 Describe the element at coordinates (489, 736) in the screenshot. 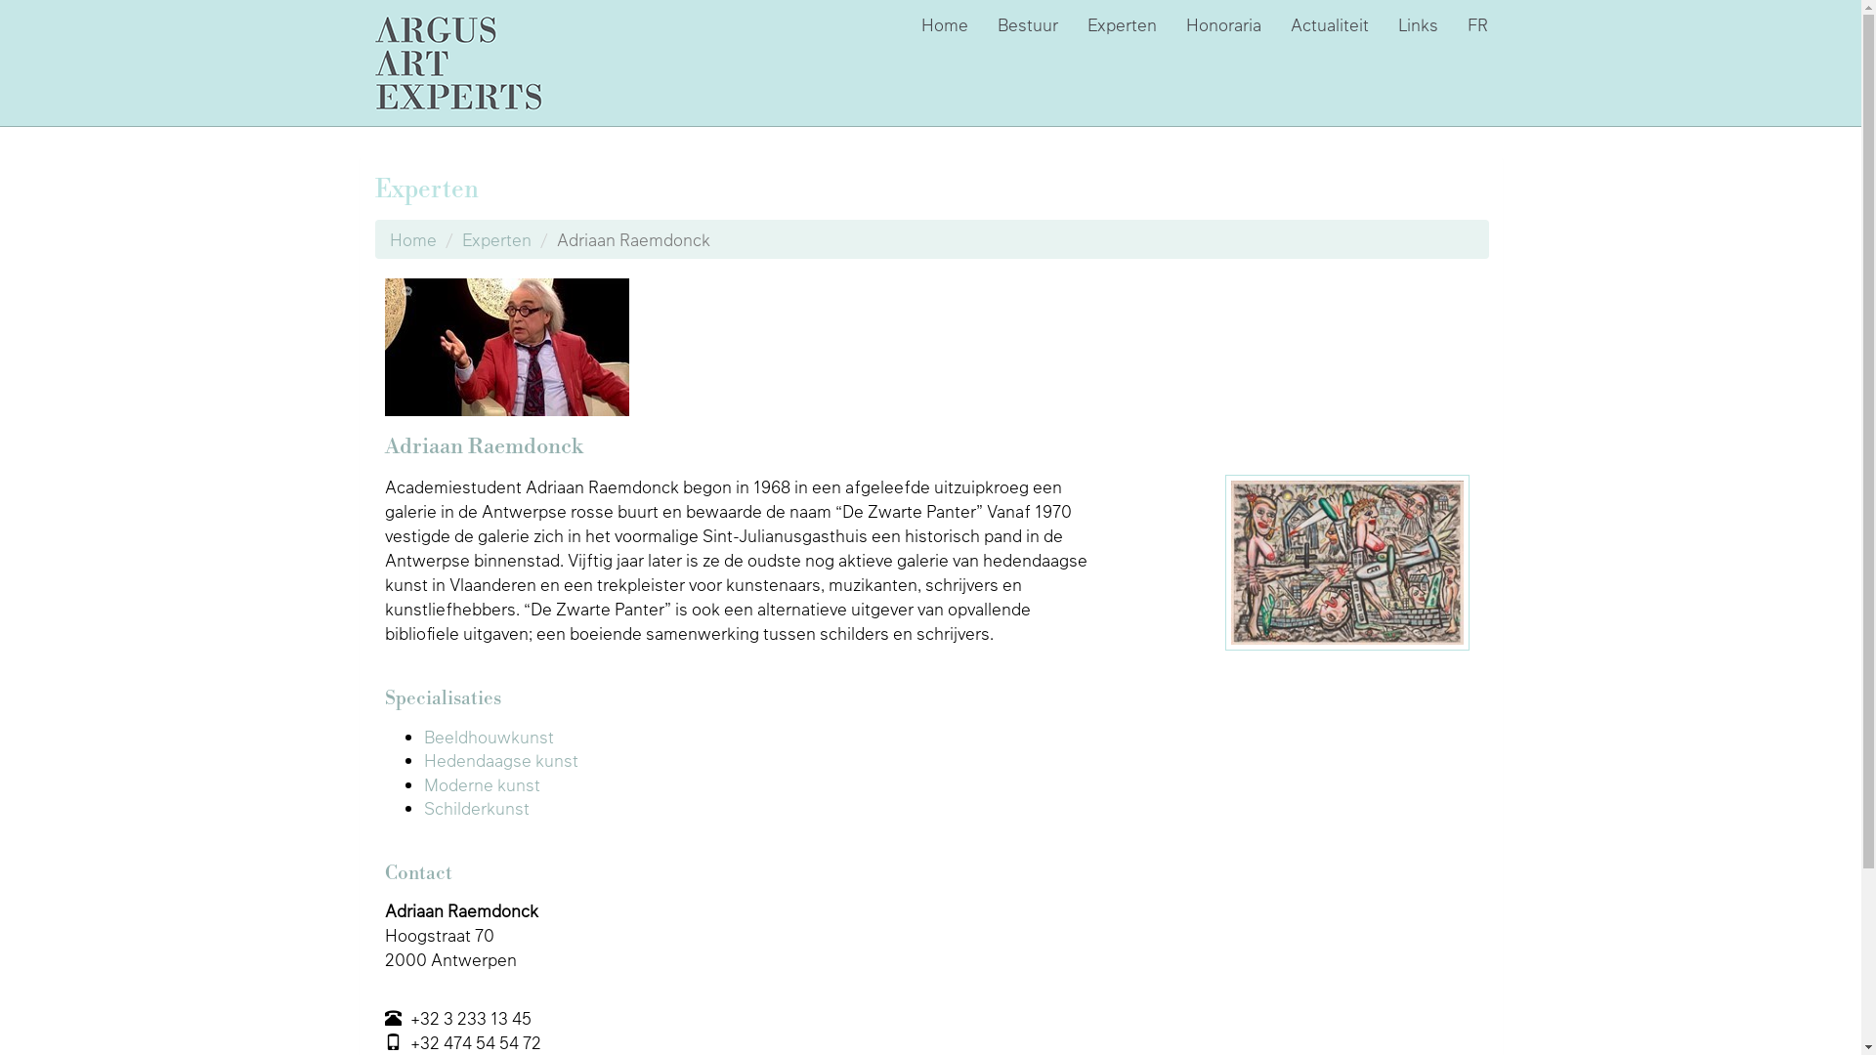

I see `'Beeldhouwkunst'` at that location.